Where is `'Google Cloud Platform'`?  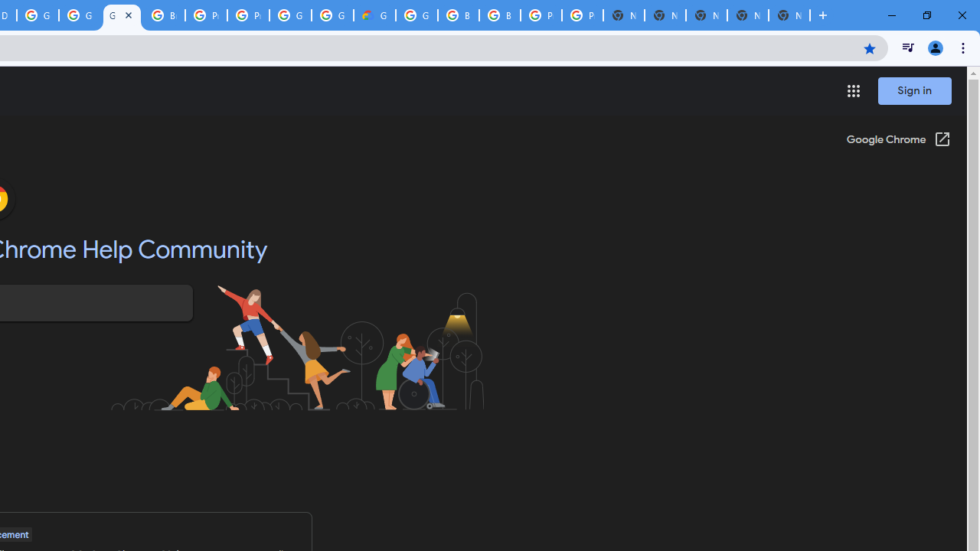 'Google Cloud Platform' is located at coordinates (290, 15).